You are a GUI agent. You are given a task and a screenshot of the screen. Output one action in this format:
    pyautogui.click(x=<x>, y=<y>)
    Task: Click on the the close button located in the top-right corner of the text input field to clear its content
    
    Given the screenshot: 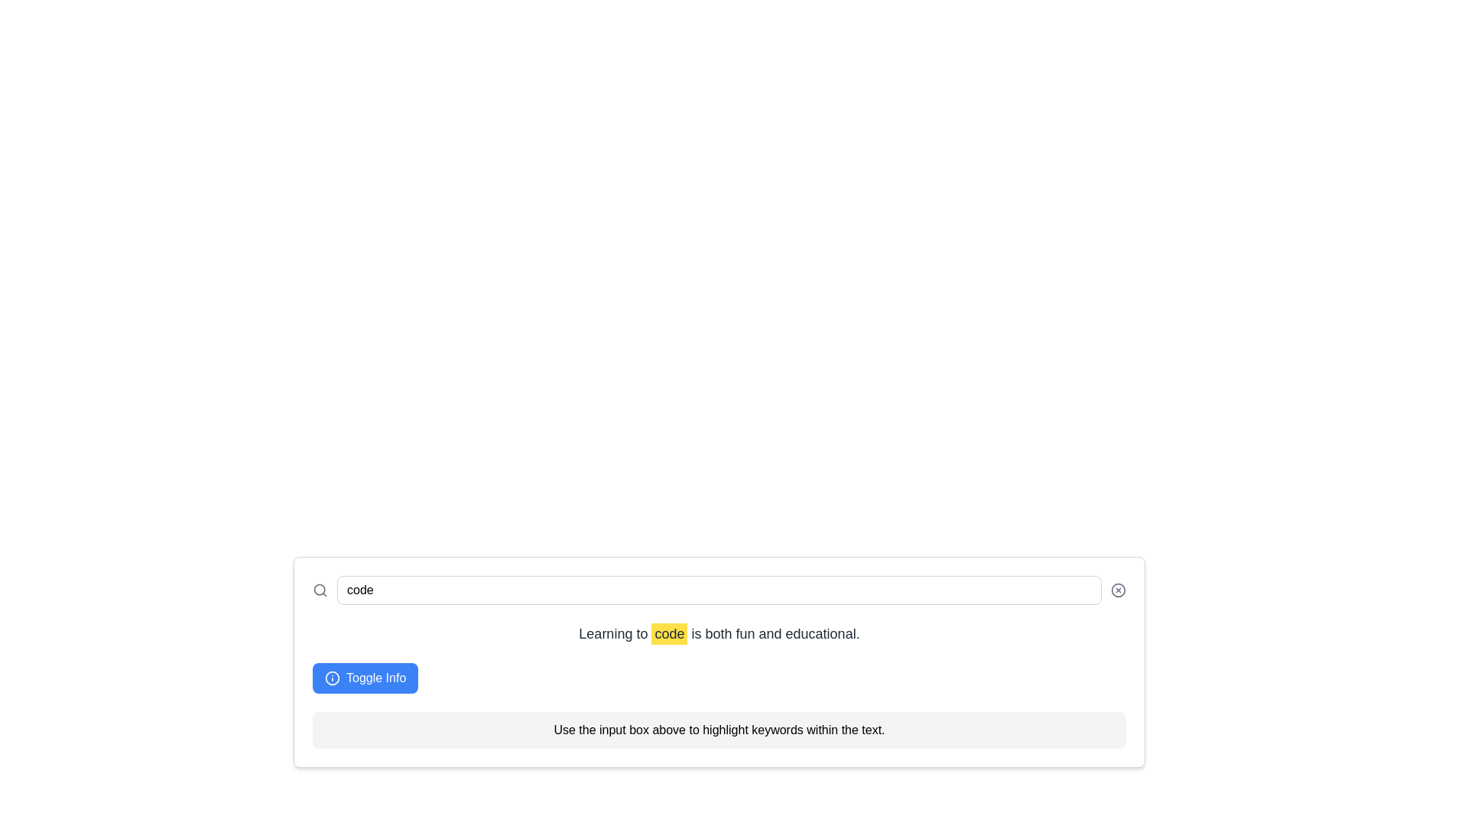 What is the action you would take?
    pyautogui.click(x=1119, y=589)
    